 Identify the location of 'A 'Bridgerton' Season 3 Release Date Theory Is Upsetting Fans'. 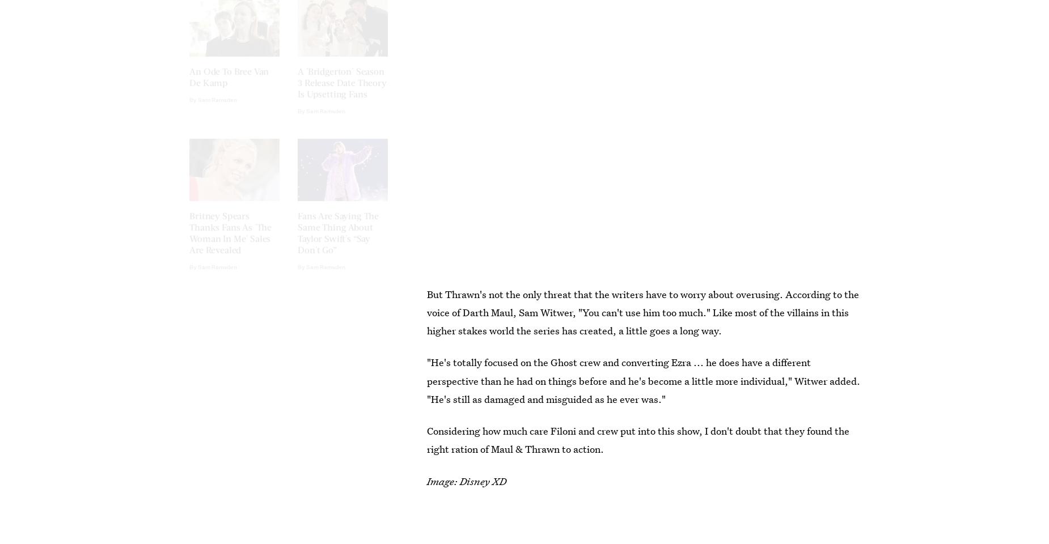
(298, 91).